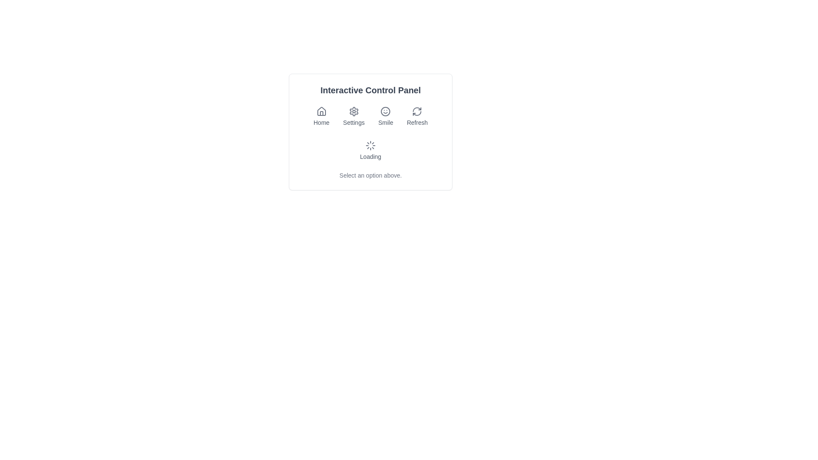  I want to click on the refresh SVG icon located at the top of the 'Refresh' section in the interactive control panel, so click(417, 111).